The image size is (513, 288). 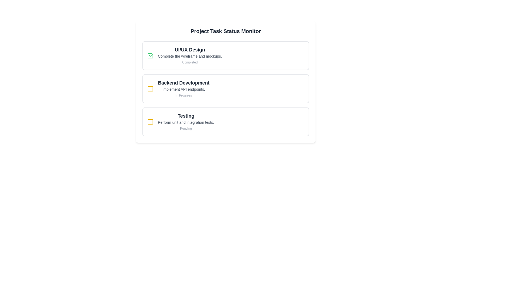 I want to click on the static text label reading 'Pending', which is styled with a light gray color and is positioned below 'Perform unit and integration tests.', so click(x=186, y=129).